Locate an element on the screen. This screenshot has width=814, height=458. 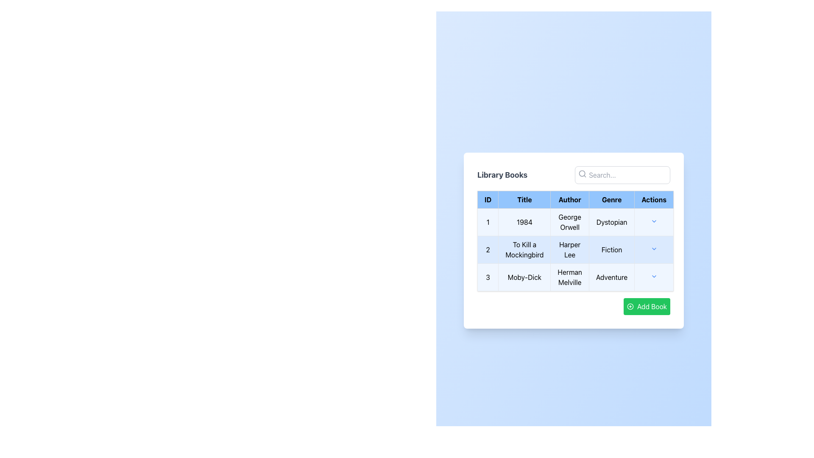
the SVG-based graphical icon located on the left side of the 'Add Book' green button to initiate the action of adding a new book entry is located at coordinates (630, 306).